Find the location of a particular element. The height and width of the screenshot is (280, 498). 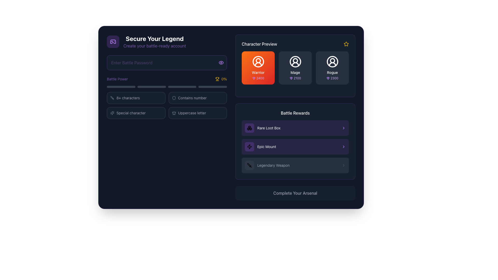

the second item in the vertical list under the 'Battle Rewards' section, which represents the 'Epic Mount' reward option is located at coordinates (295, 147).